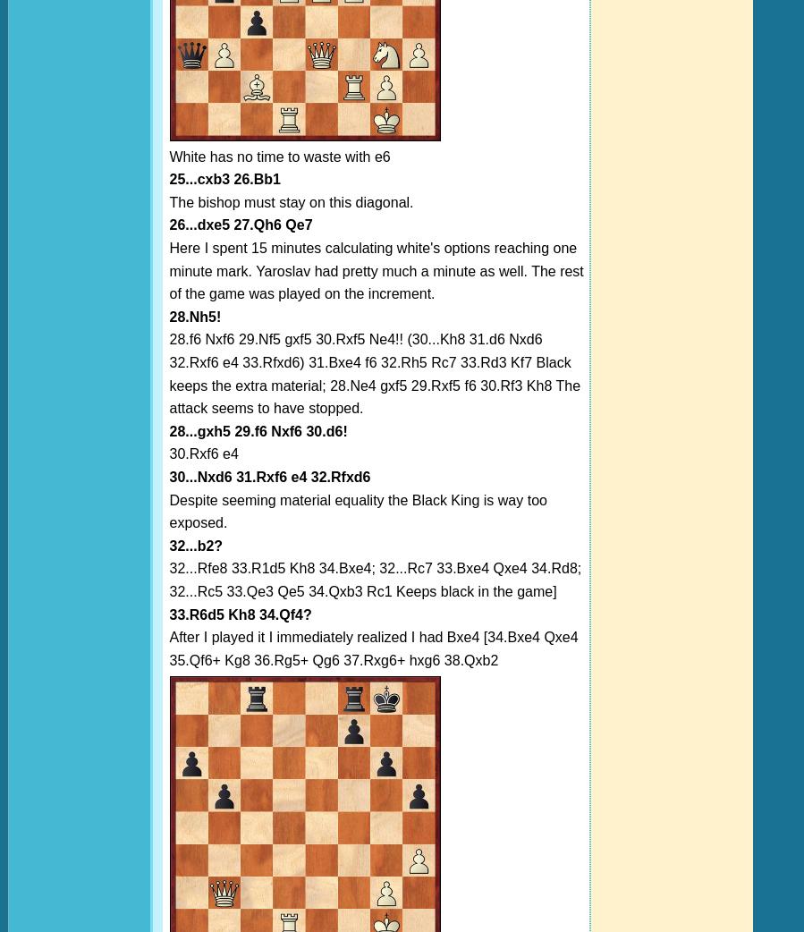  I want to click on '32...b2?', so click(195, 545).